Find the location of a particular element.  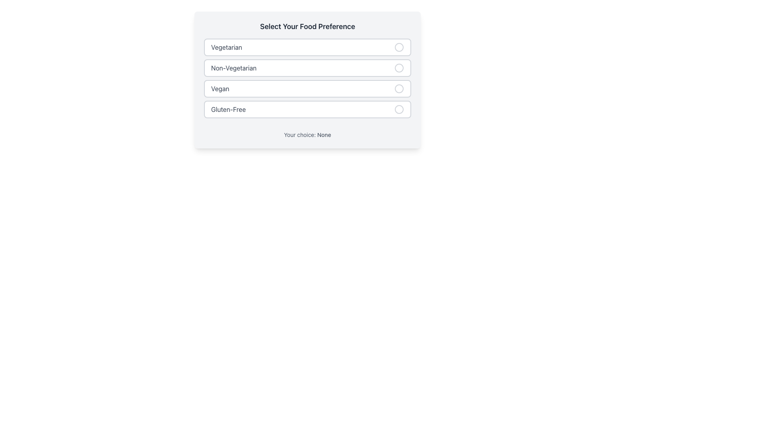

the circular radio button option marker located at the right edge of the 'Gluten-Free' option row to trigger tooltip or focus effects is located at coordinates (399, 109).